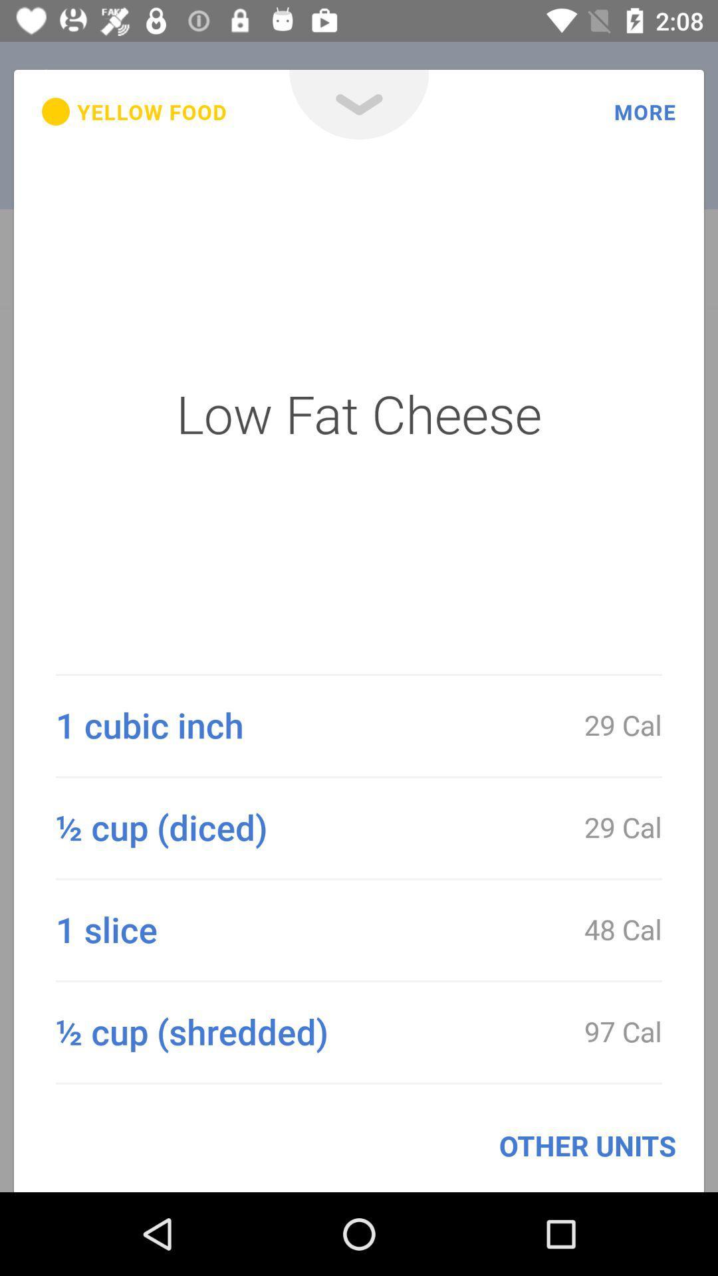  What do you see at coordinates (134, 112) in the screenshot?
I see `the yellow food` at bounding box center [134, 112].